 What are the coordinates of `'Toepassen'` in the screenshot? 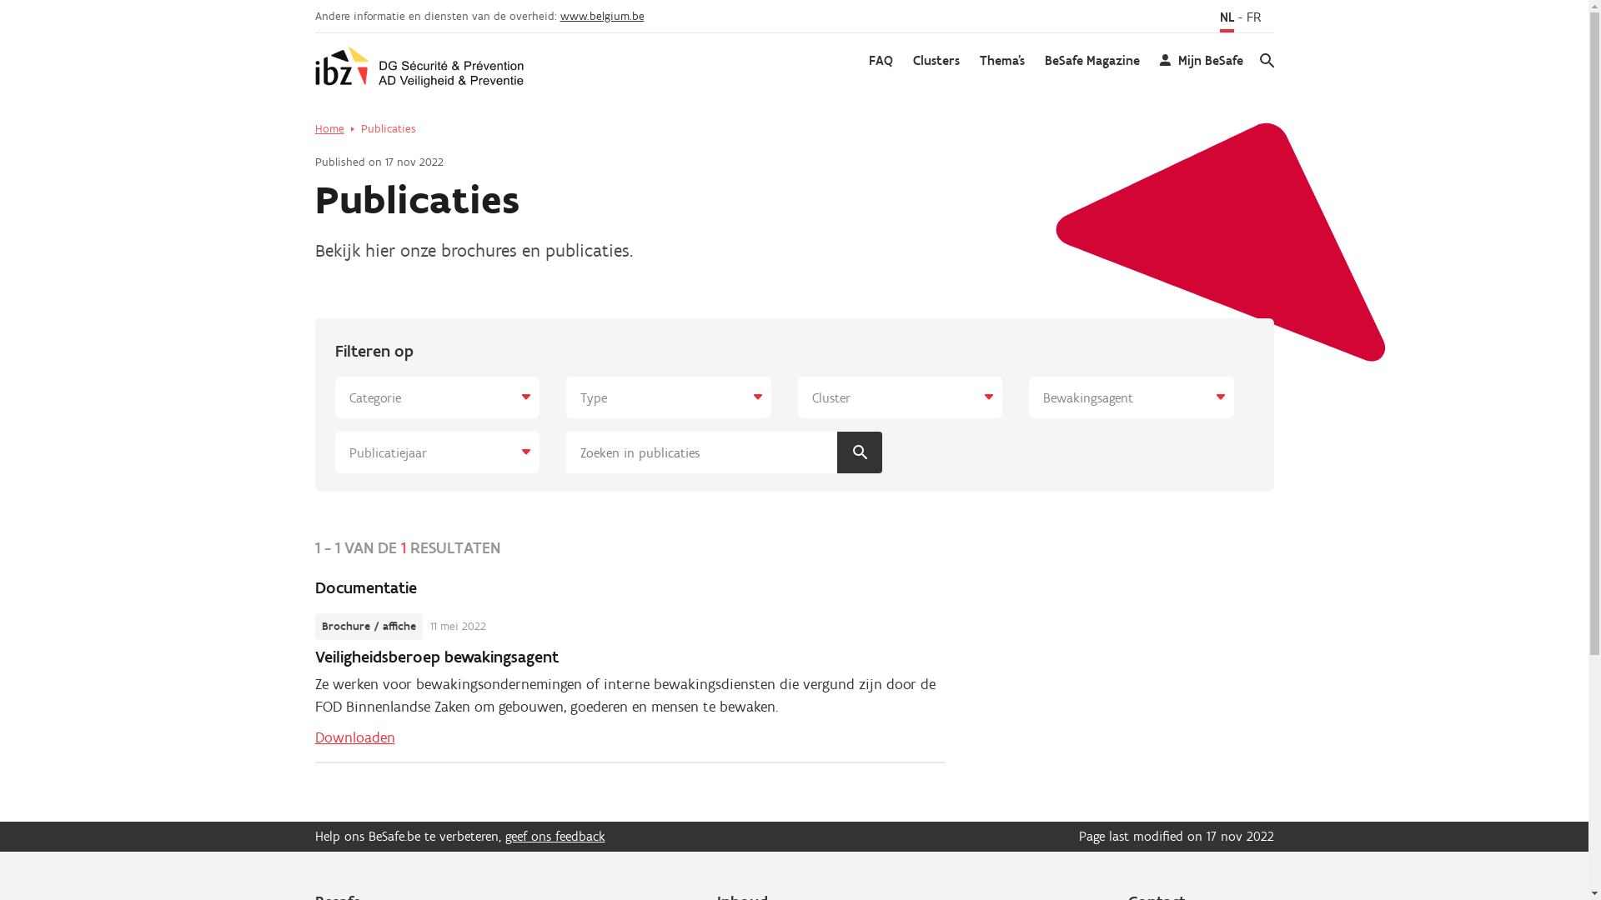 It's located at (860, 452).